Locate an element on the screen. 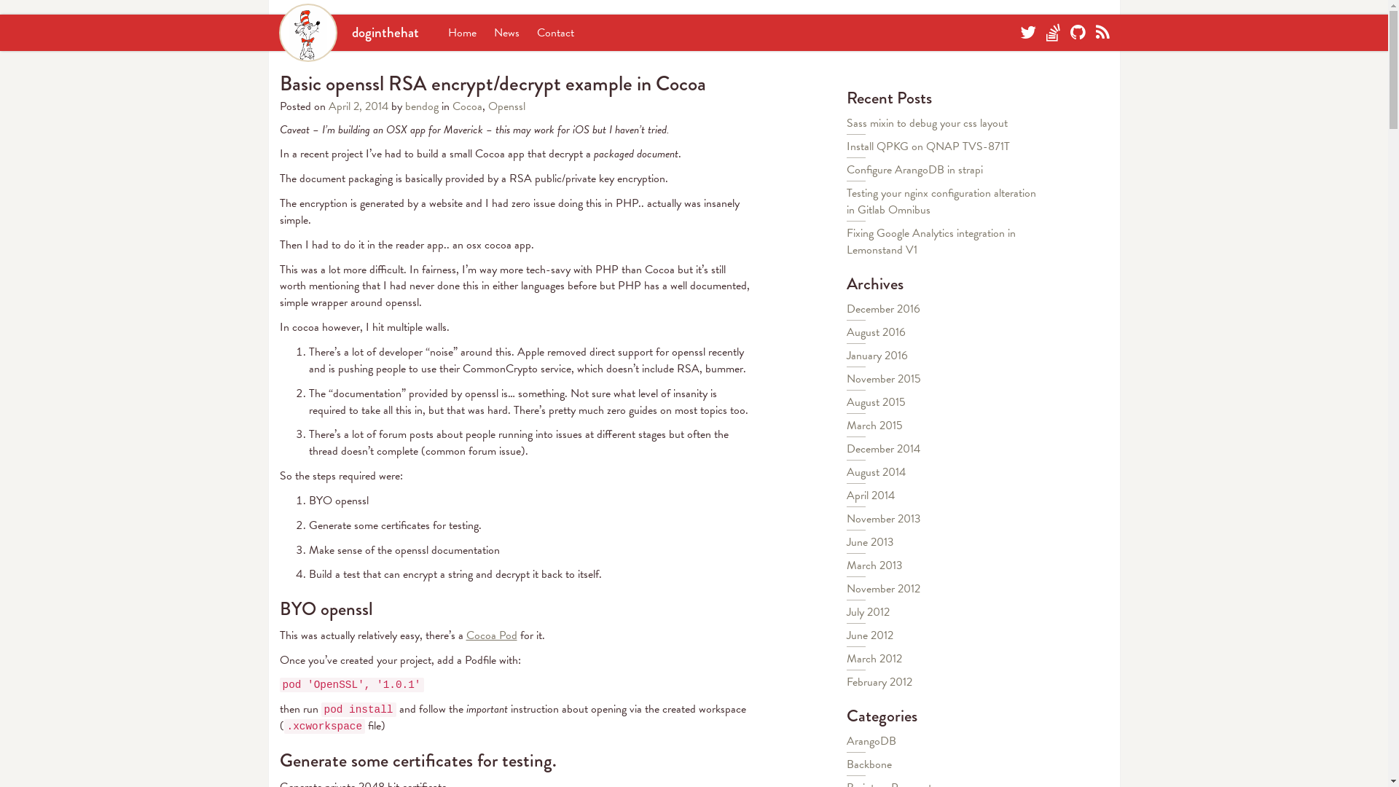 The height and width of the screenshot is (787, 1399). 'Sass mixin to debug your css layout' is located at coordinates (926, 122).